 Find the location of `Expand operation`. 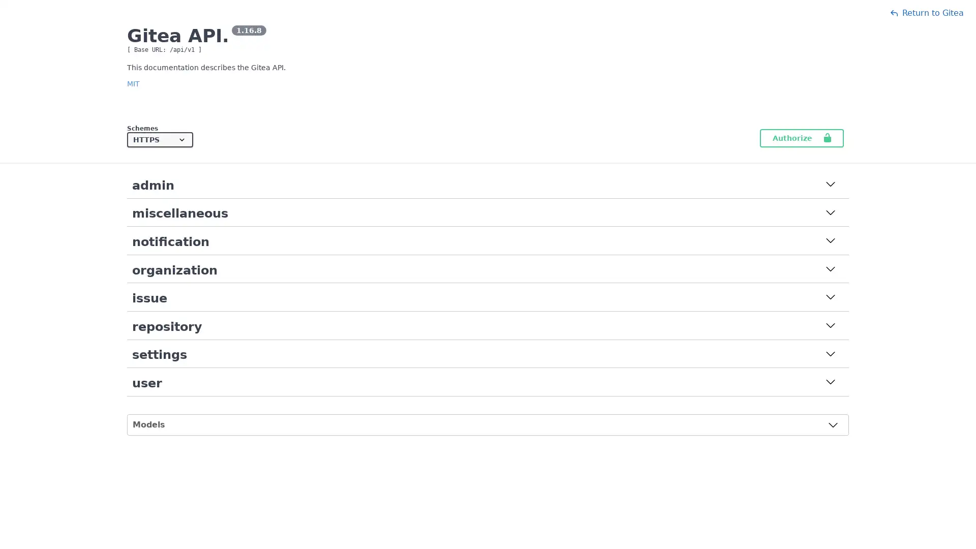

Expand operation is located at coordinates (830, 269).